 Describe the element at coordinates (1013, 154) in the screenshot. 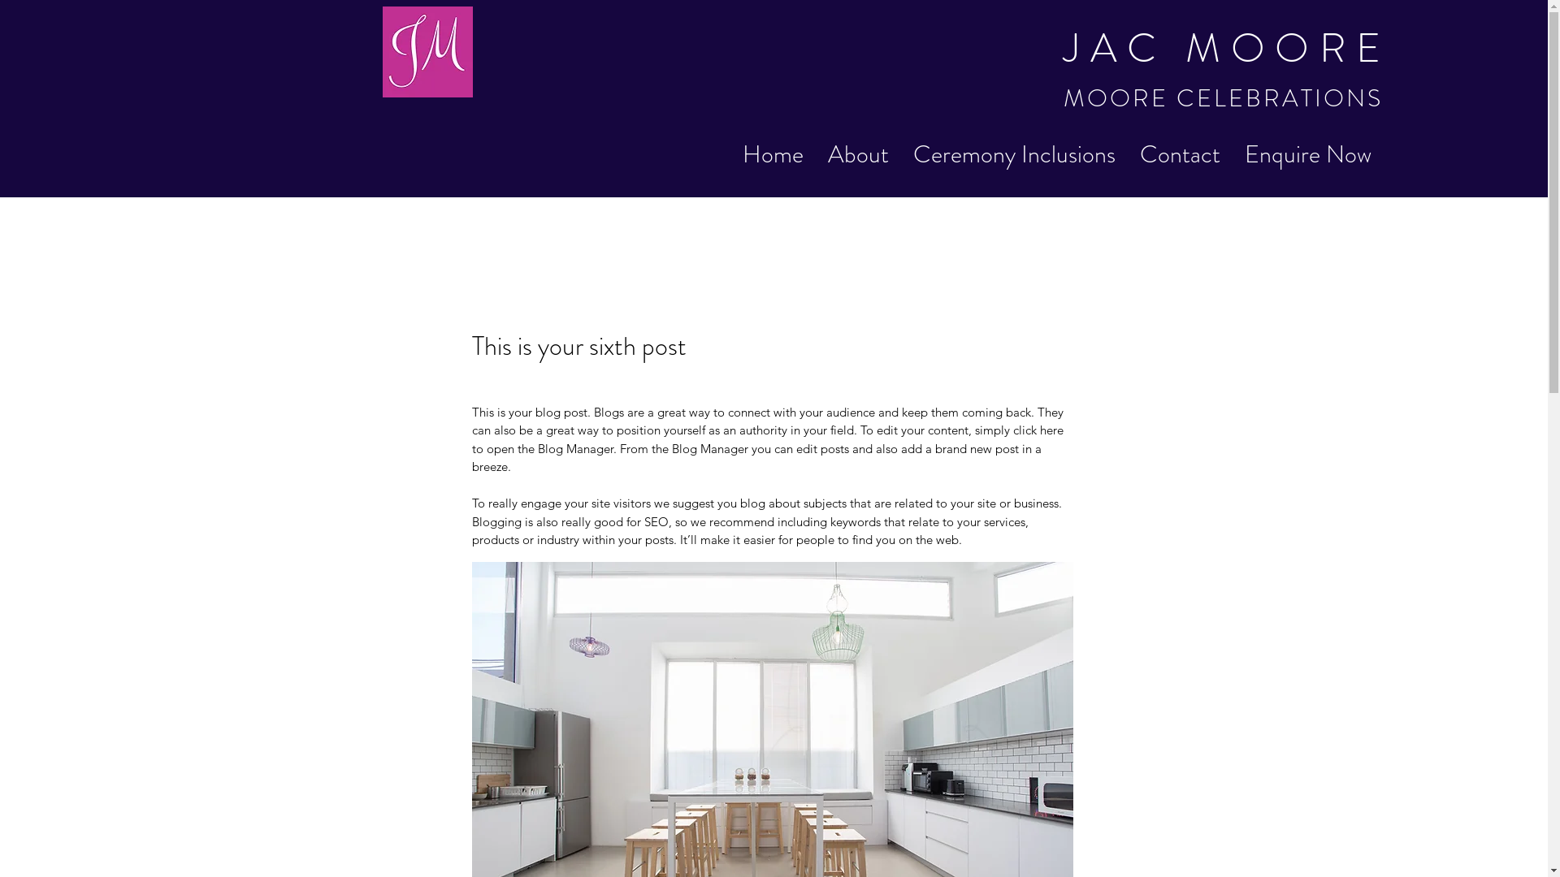

I see `'Ceremony Inclusions'` at that location.